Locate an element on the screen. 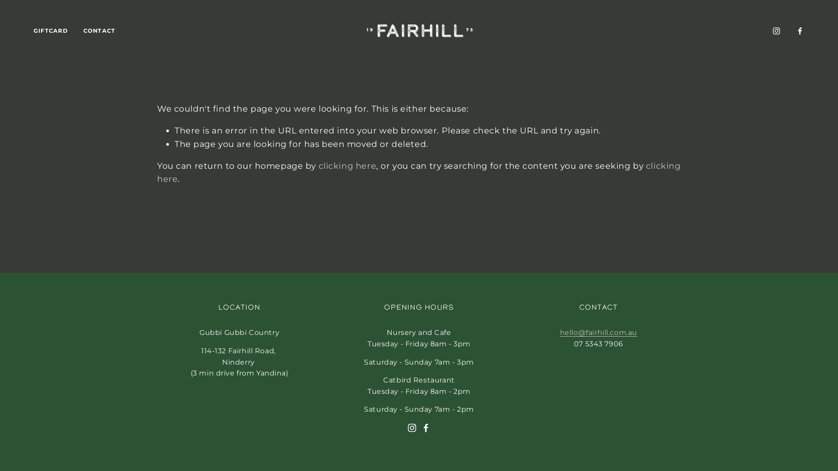  'CONTACT' is located at coordinates (83, 31).